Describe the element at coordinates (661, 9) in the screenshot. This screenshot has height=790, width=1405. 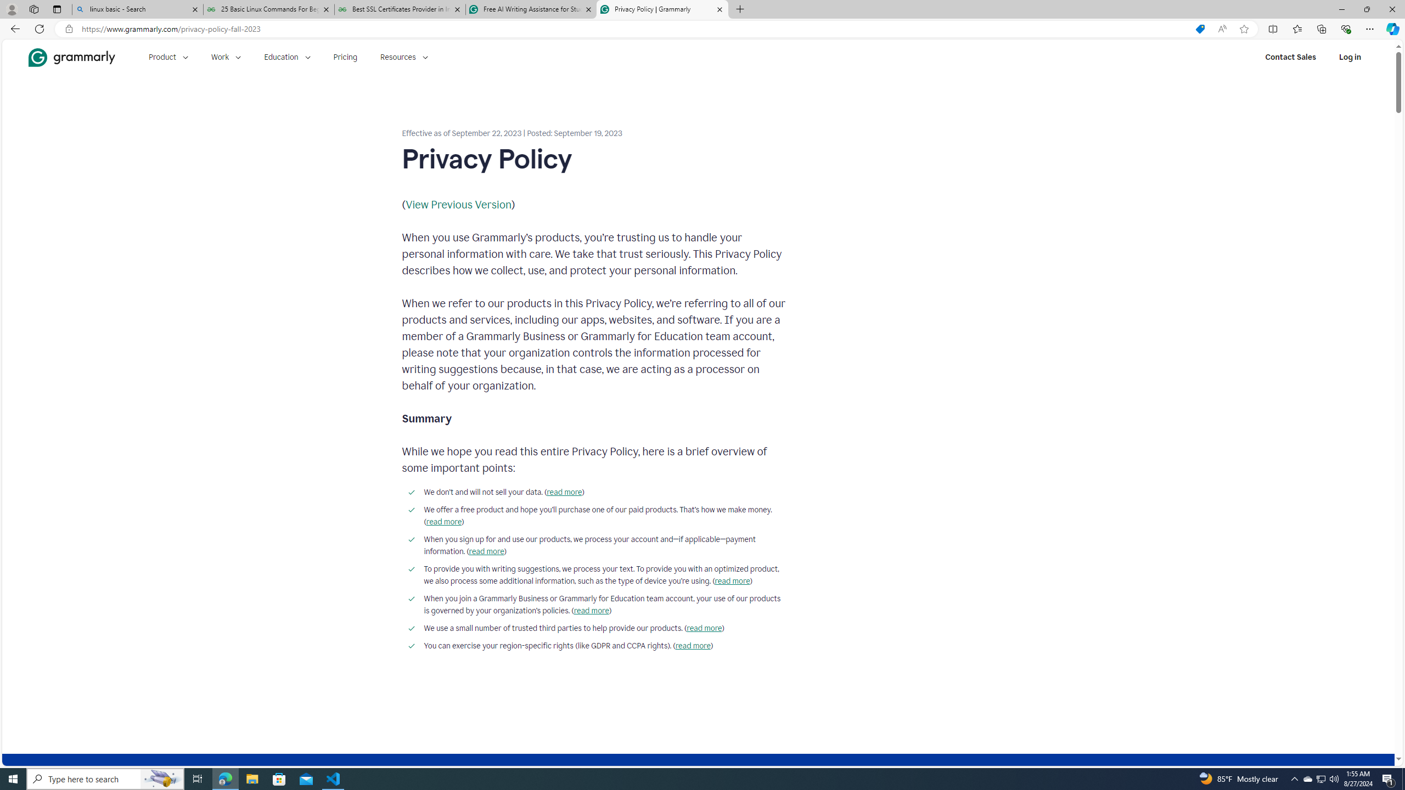
I see `'Privacy Policy | Grammarly'` at that location.